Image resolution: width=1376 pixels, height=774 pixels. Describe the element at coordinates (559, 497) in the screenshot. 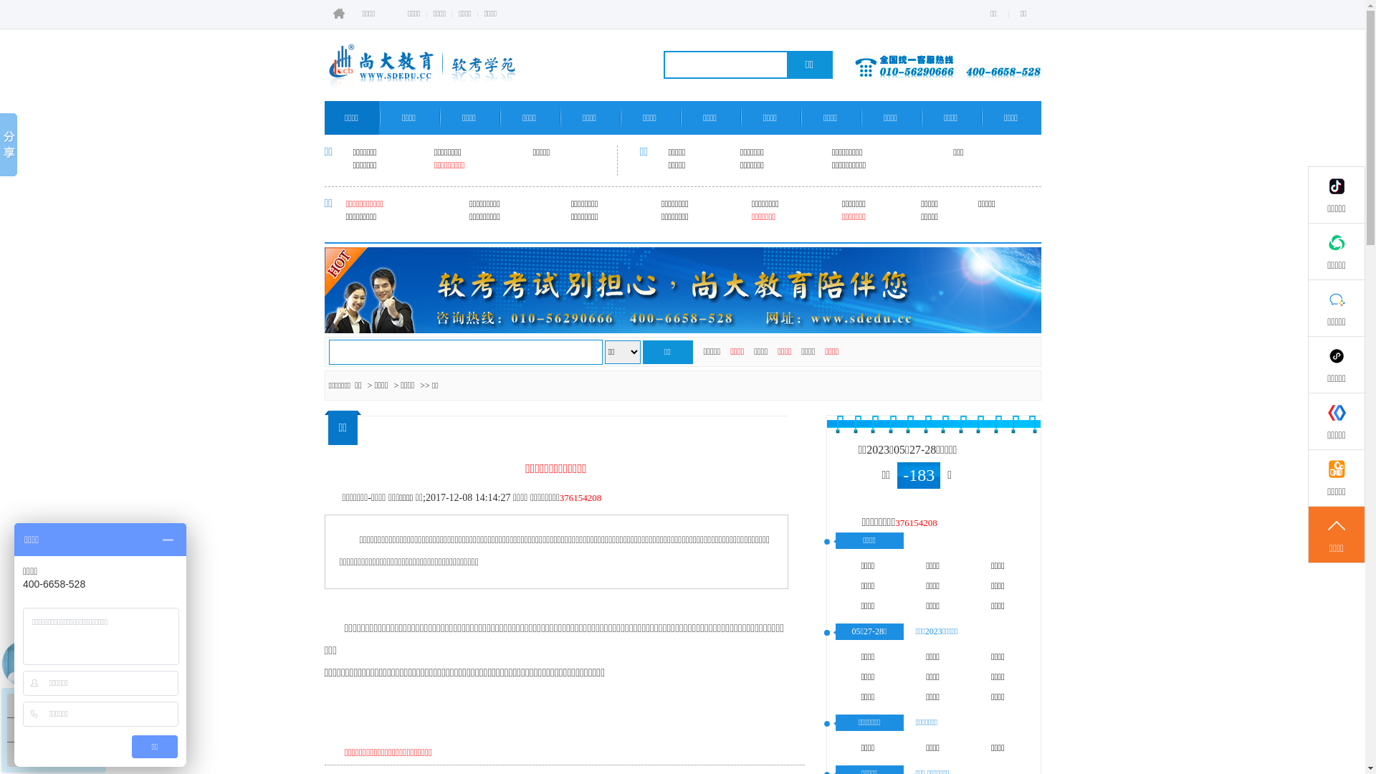

I see `'376154208'` at that location.